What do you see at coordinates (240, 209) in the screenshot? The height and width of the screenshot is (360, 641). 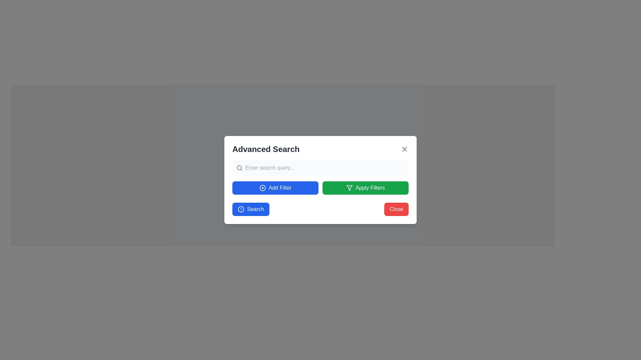 I see `the small circular icon with a thin white border and a central white dot, located within the blue 'Search' button at the bottom left of the 'Advanced Search' interface` at bounding box center [240, 209].